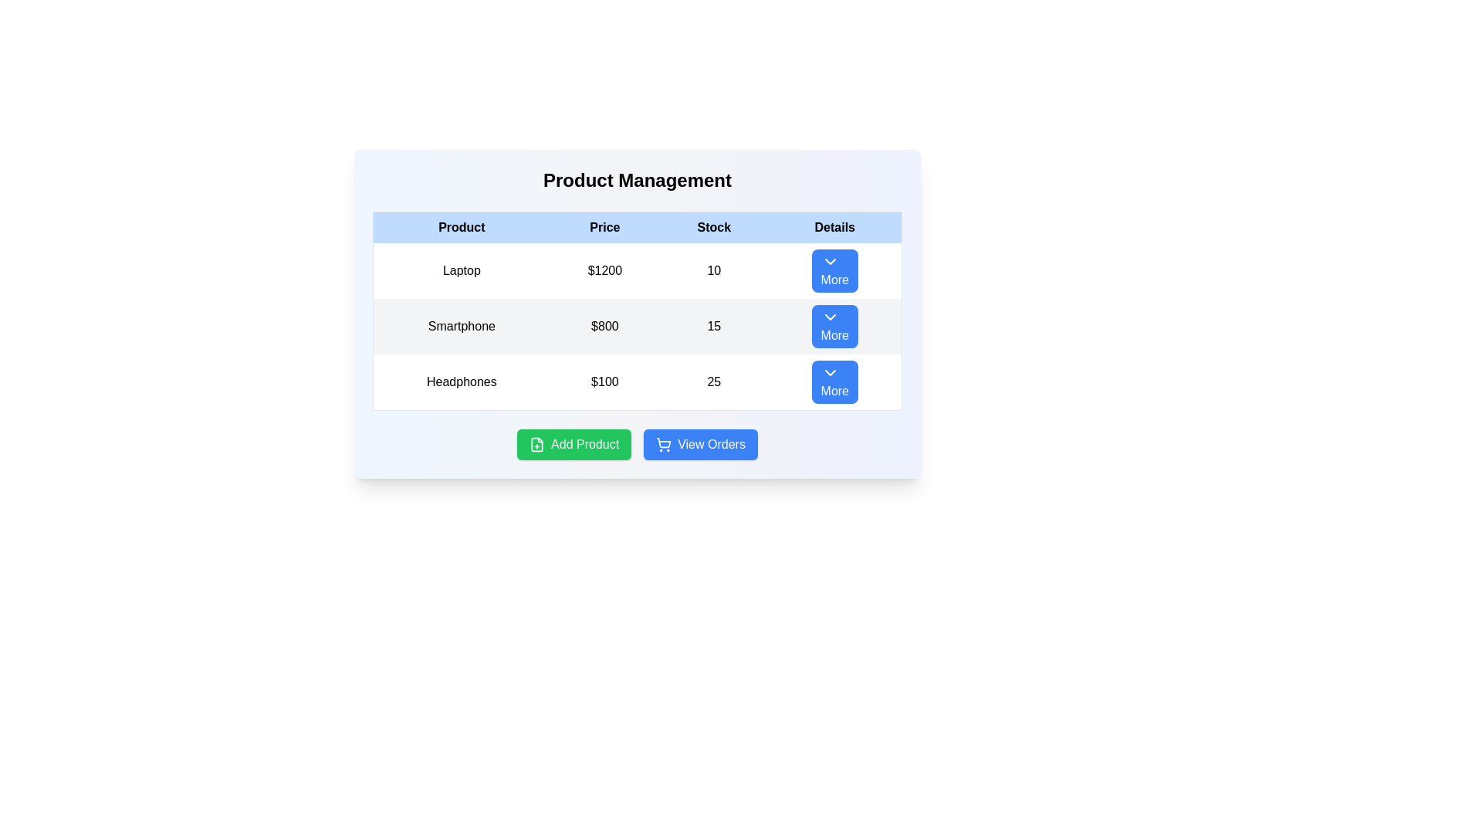 Image resolution: width=1482 pixels, height=834 pixels. Describe the element at coordinates (537, 444) in the screenshot. I see `the decorative icon located within the 'Add Product' button in the footer section, positioned before the text label` at that location.